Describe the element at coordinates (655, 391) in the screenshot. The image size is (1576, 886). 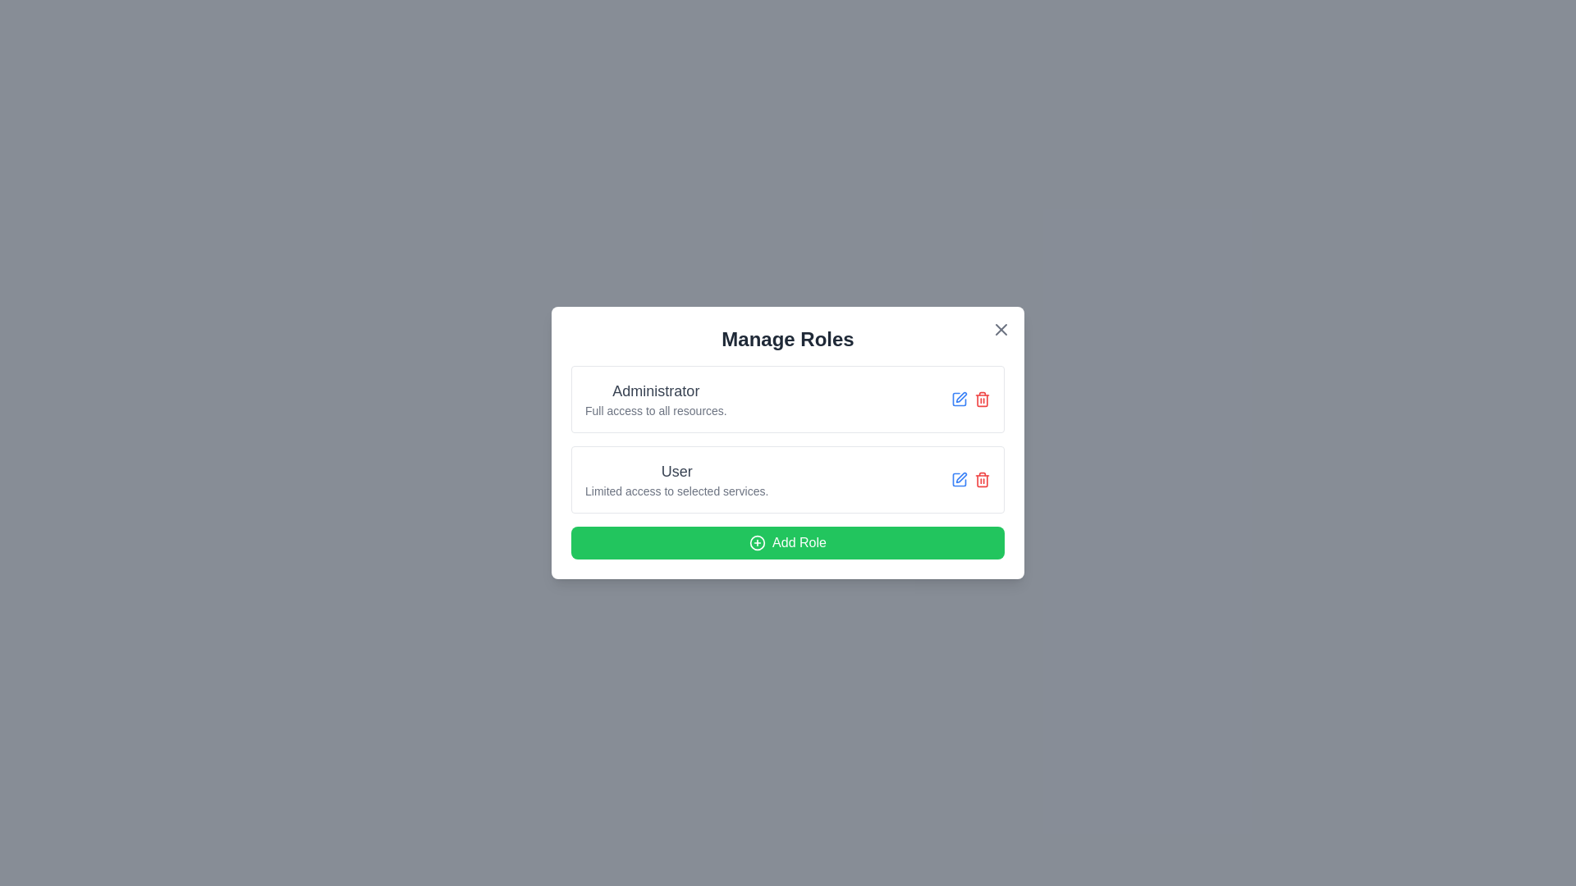
I see `the 'Administrator' label, which is styled as a heading in grayish black color and is located at the top of the 'Administrator' section in the 'Manage Roles' modal dialog` at that location.